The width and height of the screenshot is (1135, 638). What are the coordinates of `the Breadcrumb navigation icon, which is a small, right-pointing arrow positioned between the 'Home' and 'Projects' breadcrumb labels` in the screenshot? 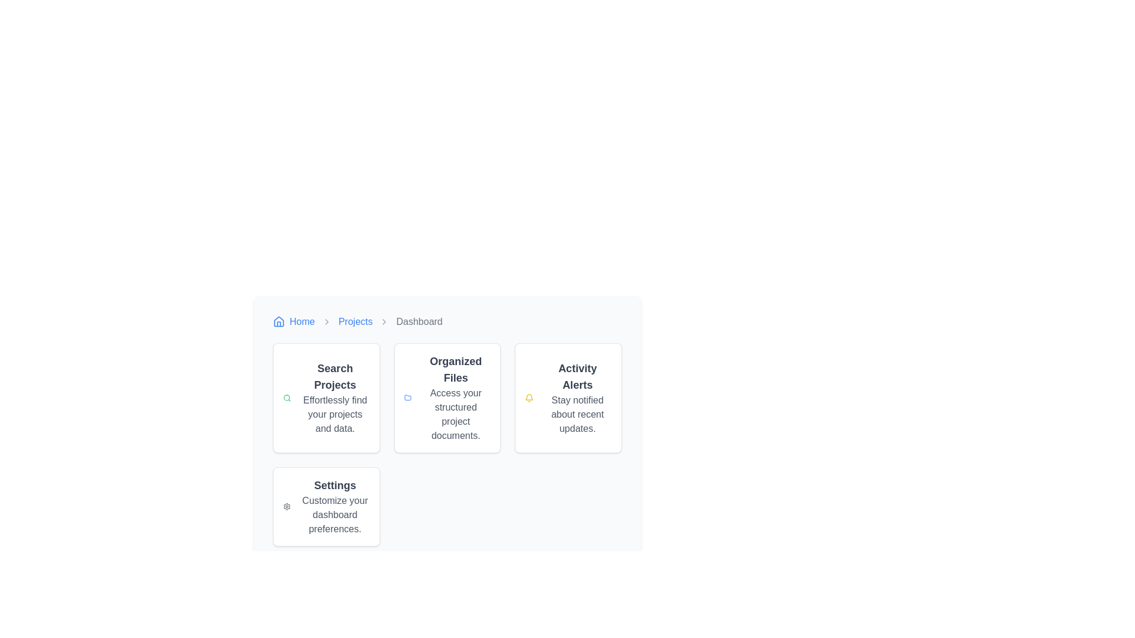 It's located at (326, 321).